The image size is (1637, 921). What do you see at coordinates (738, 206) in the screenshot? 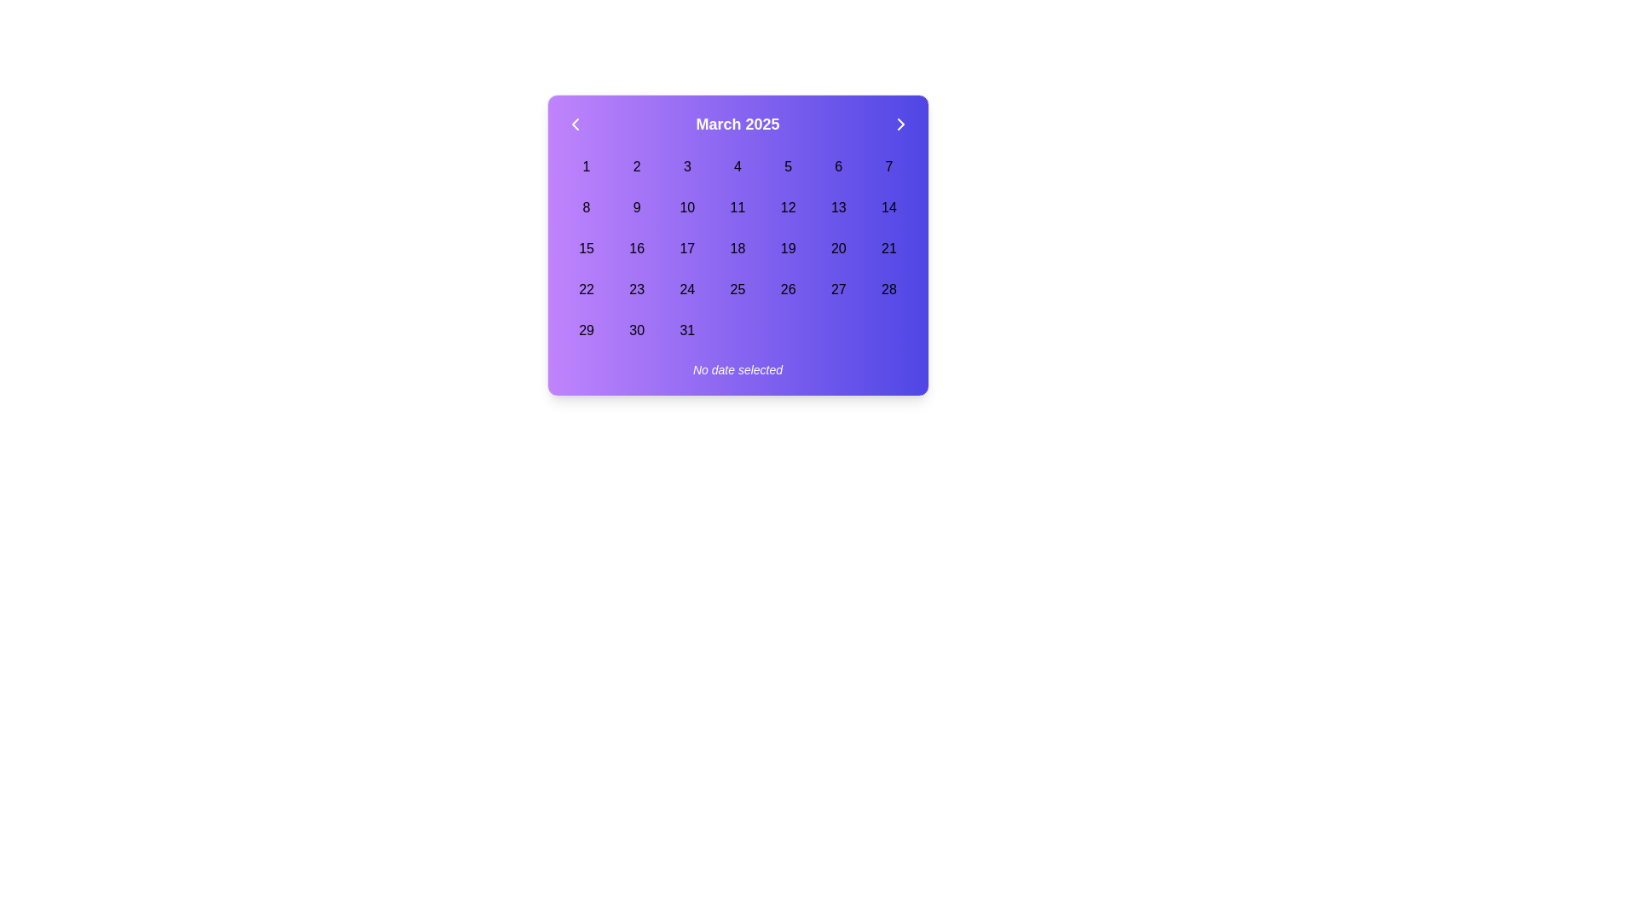
I see `the button representing the 11th day of the month in the calendar grid, located in the 4th column of the 2nd row` at bounding box center [738, 206].